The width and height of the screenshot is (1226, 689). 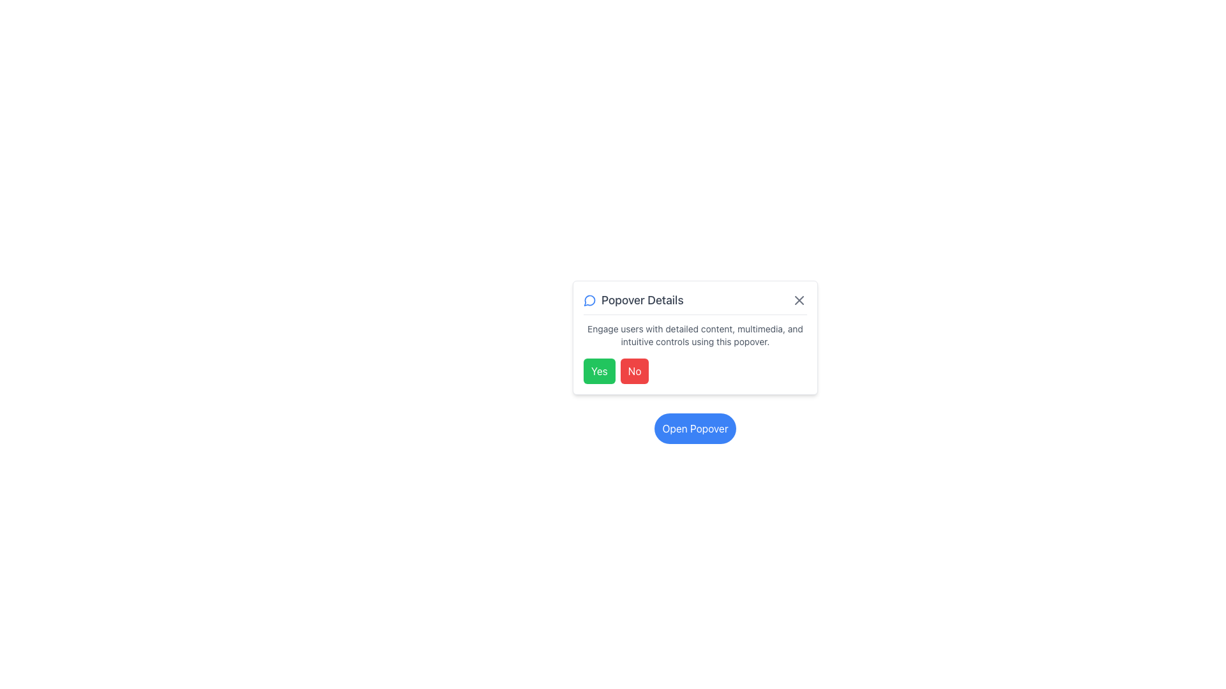 I want to click on the button with a blue background and rounded edges labeled 'Open Popover', so click(x=695, y=428).